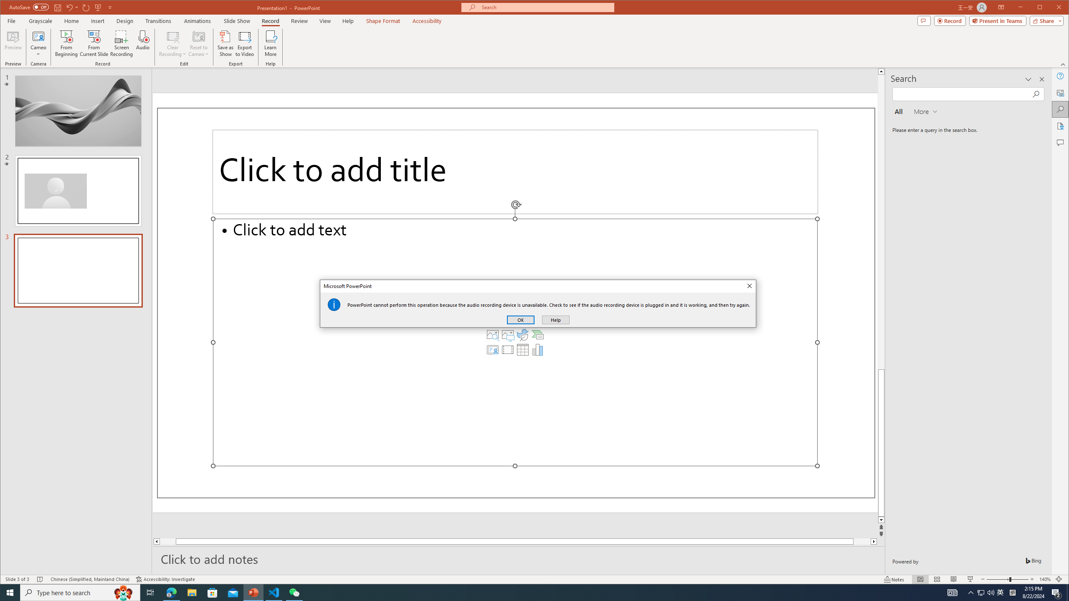 This screenshot has height=601, width=1069. What do you see at coordinates (507, 350) in the screenshot?
I see `'Insert Video'` at bounding box center [507, 350].